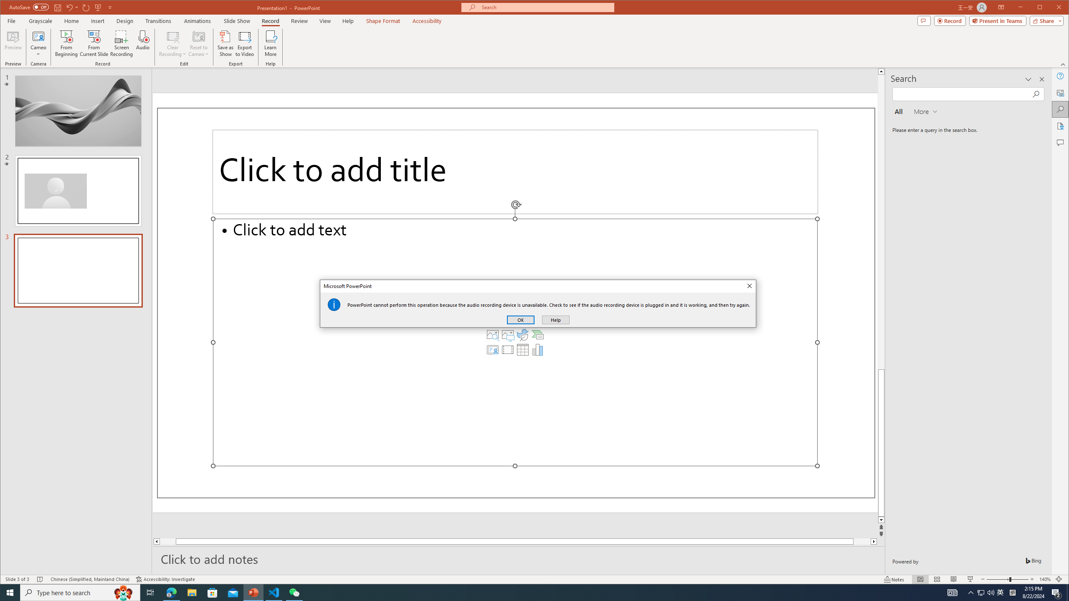 This screenshot has height=601, width=1069. What do you see at coordinates (507, 350) in the screenshot?
I see `'Insert Video'` at bounding box center [507, 350].